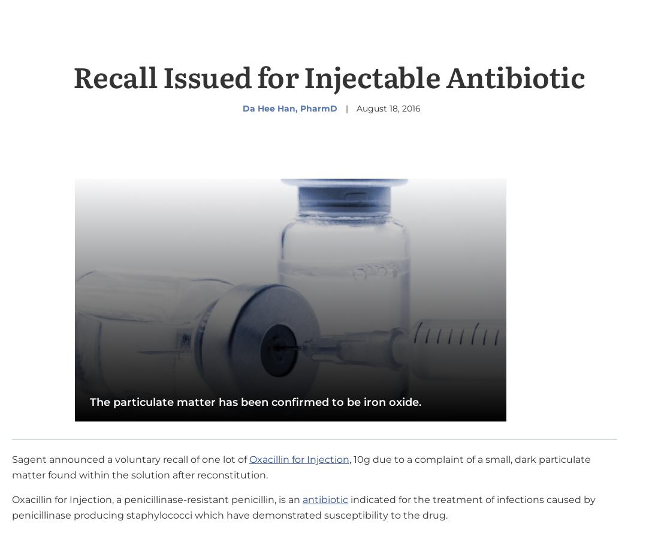 The height and width of the screenshot is (536, 652). What do you see at coordinates (283, 519) in the screenshot?
I see `'Remarkable healthcare content'` at bounding box center [283, 519].